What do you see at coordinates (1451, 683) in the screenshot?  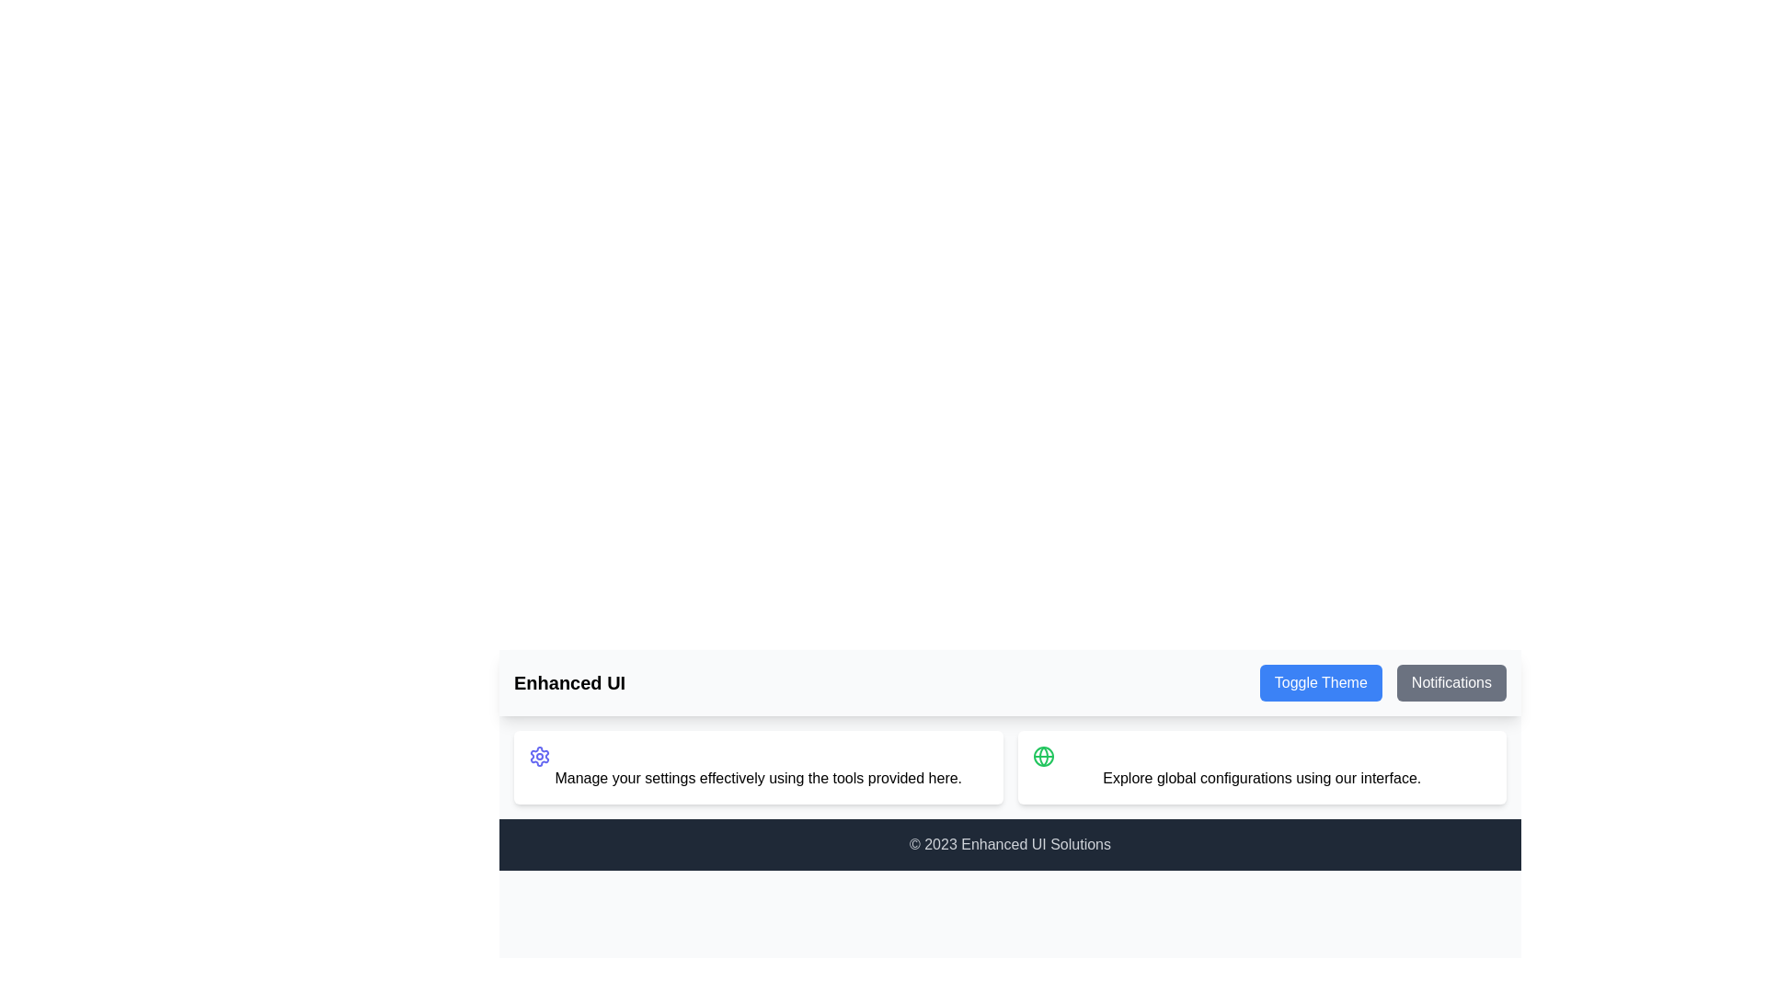 I see `the 'Notifications' button, which is a rounded rectangular button with a gray background and white text, located to the right of the 'Toggle Theme' button at the top-right corner of the interface` at bounding box center [1451, 683].